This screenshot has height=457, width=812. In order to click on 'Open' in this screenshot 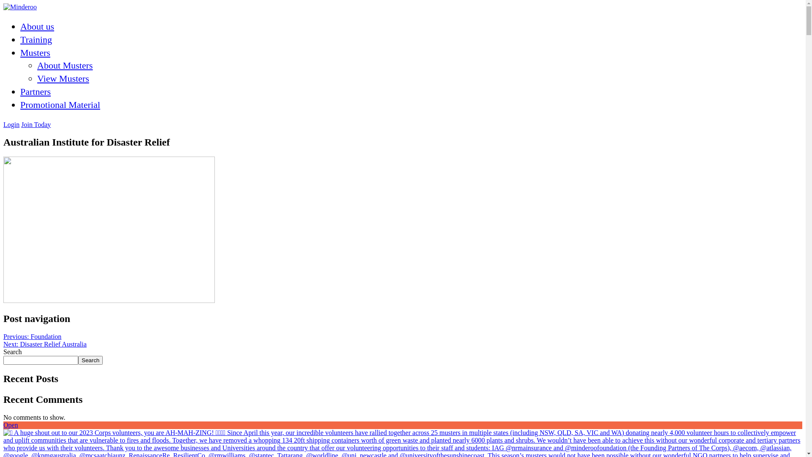, I will do `click(11, 425)`.